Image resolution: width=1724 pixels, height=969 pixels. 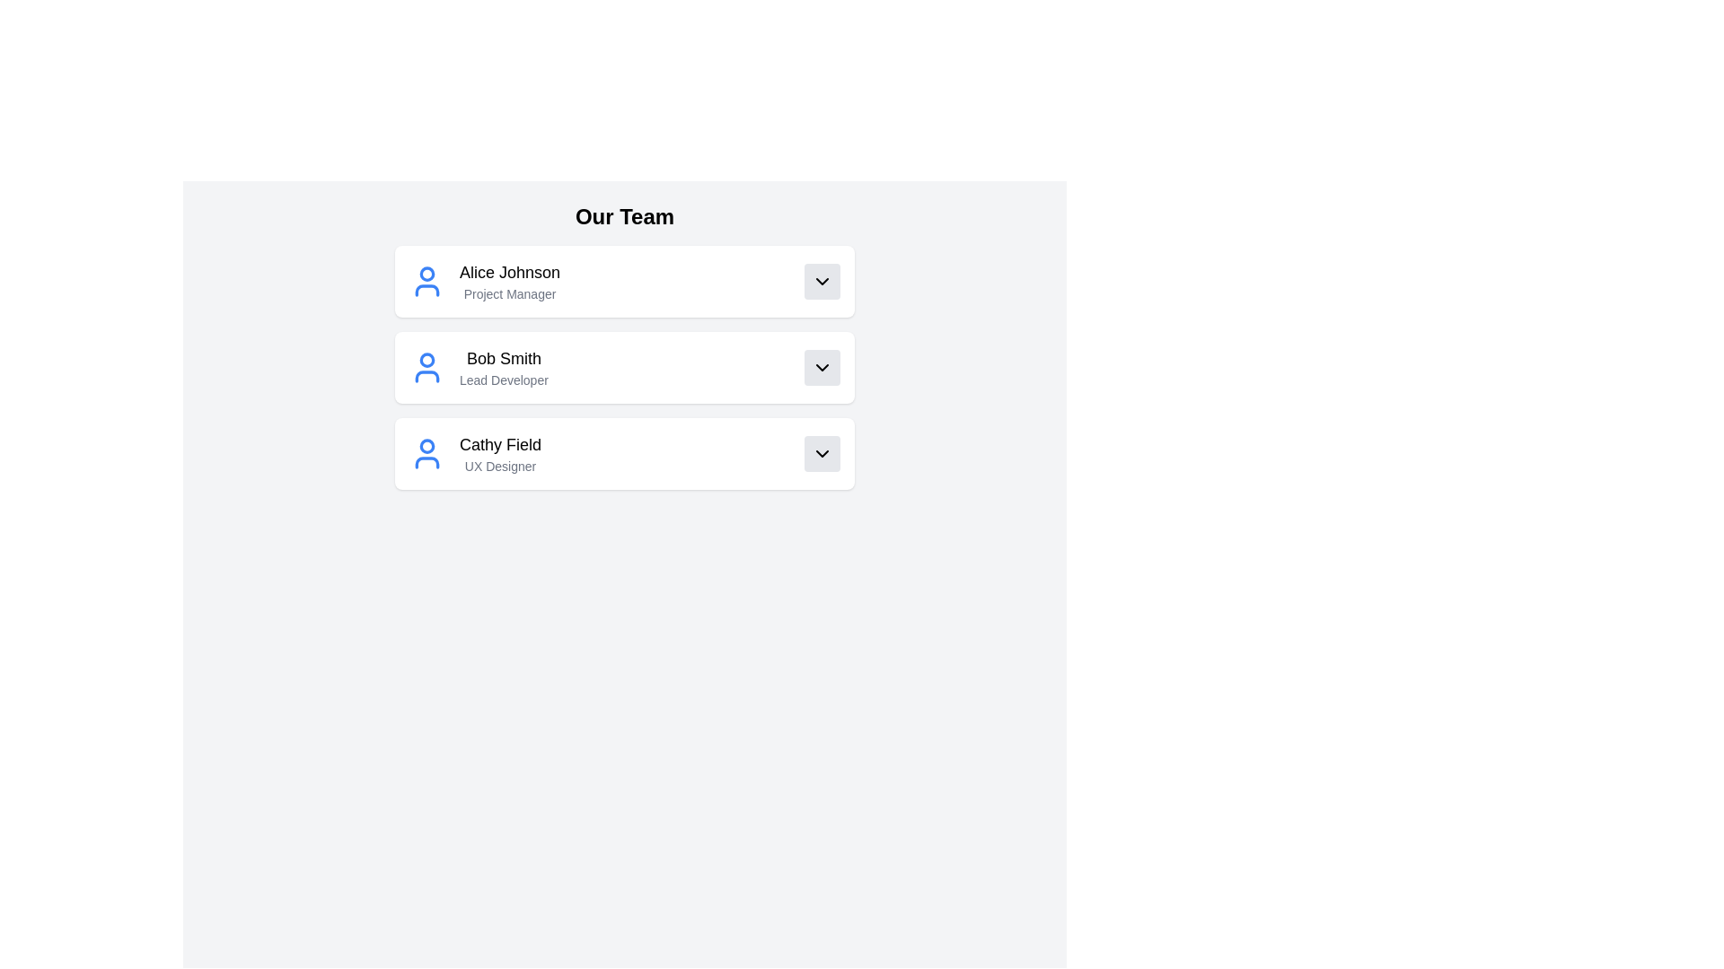 I want to click on the square button with a light gray background and a downward-facing chevron icon, located to the right of 'Project Manager' and below 'Alice Johnson', to change its background color, so click(x=822, y=281).